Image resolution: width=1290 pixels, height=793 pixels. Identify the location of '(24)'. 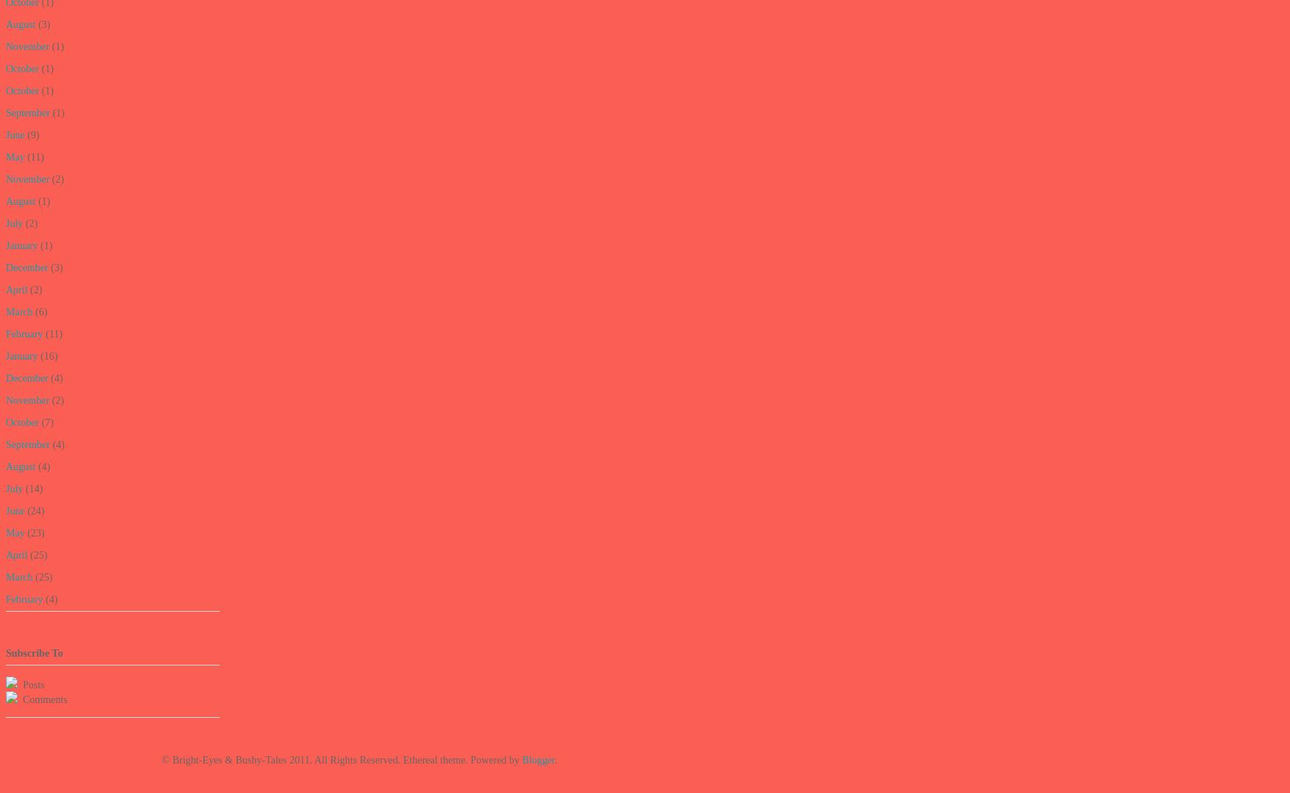
(24, 511).